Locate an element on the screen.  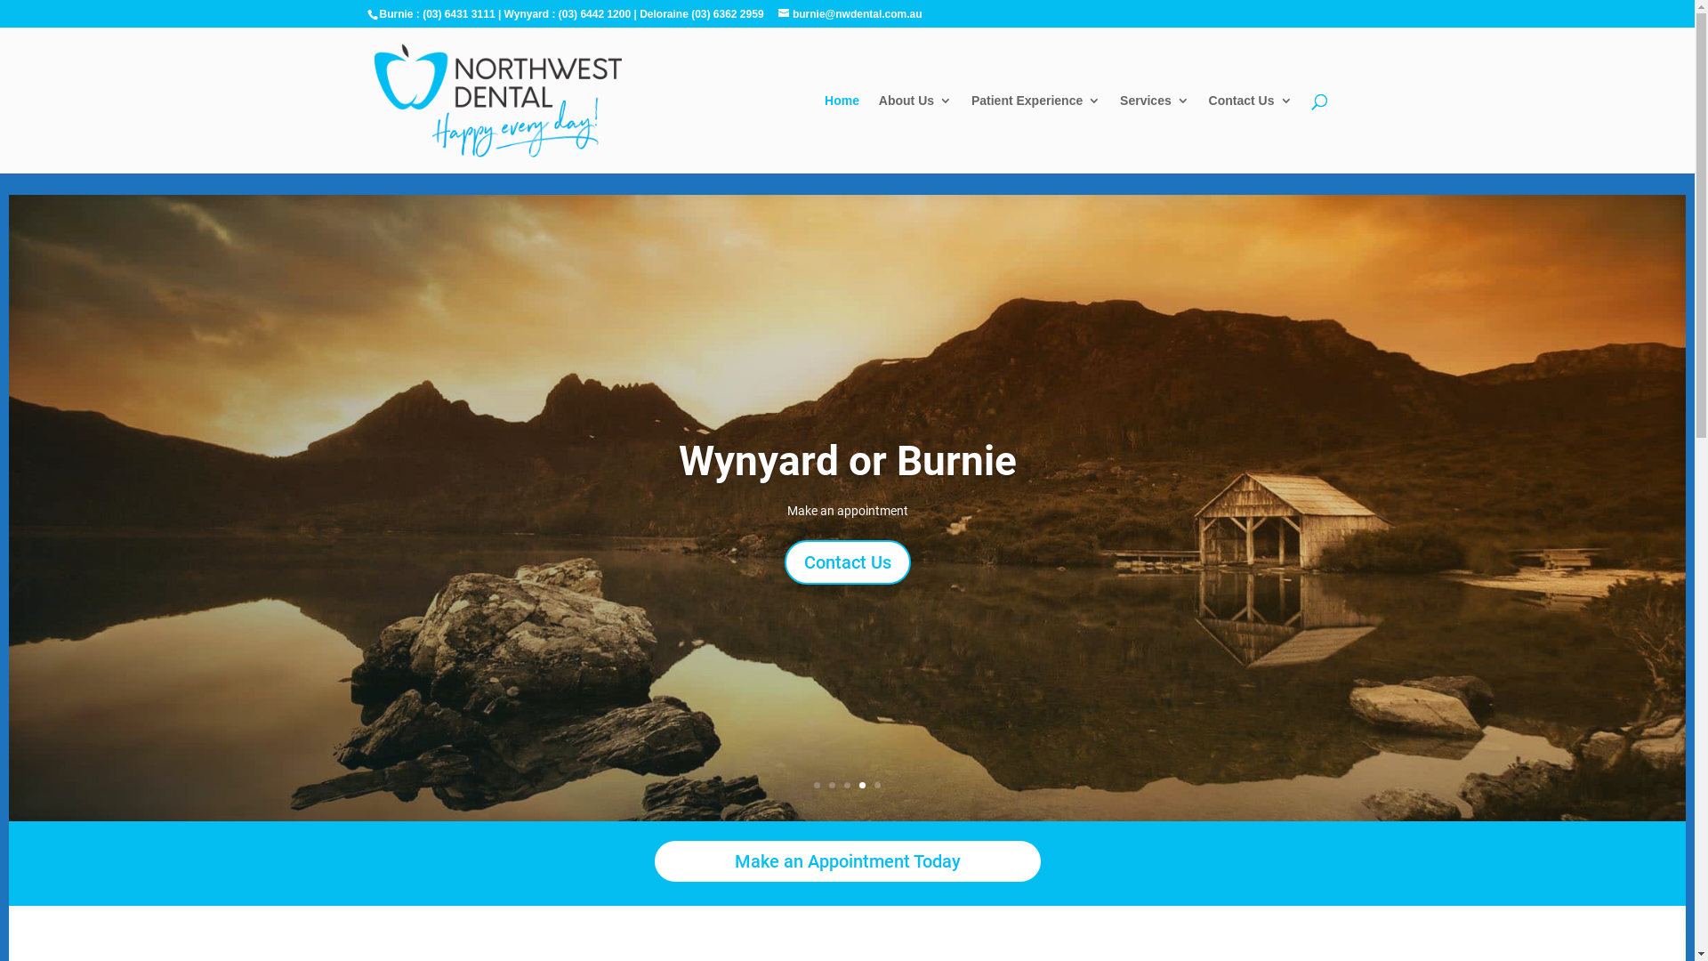
'Wynyard or Burnie' is located at coordinates (677, 459).